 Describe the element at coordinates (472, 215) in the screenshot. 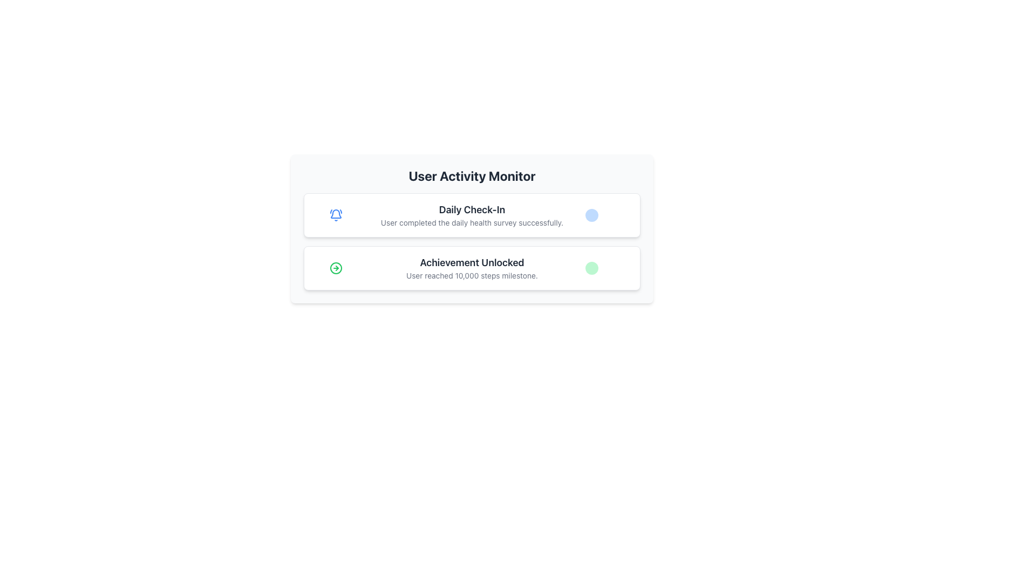

I see `the text description element summarizing the completion status of the daily health survey, located in the second card of the 'User Activity Monitor' section` at that location.